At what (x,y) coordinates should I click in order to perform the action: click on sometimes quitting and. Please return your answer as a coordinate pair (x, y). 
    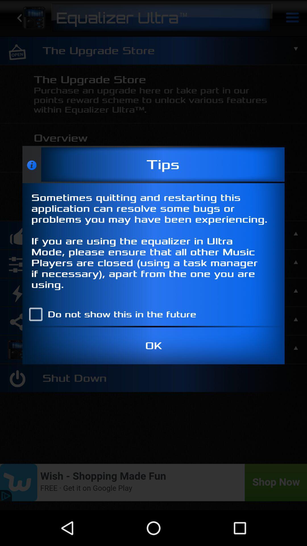
    Looking at the image, I should click on (153, 243).